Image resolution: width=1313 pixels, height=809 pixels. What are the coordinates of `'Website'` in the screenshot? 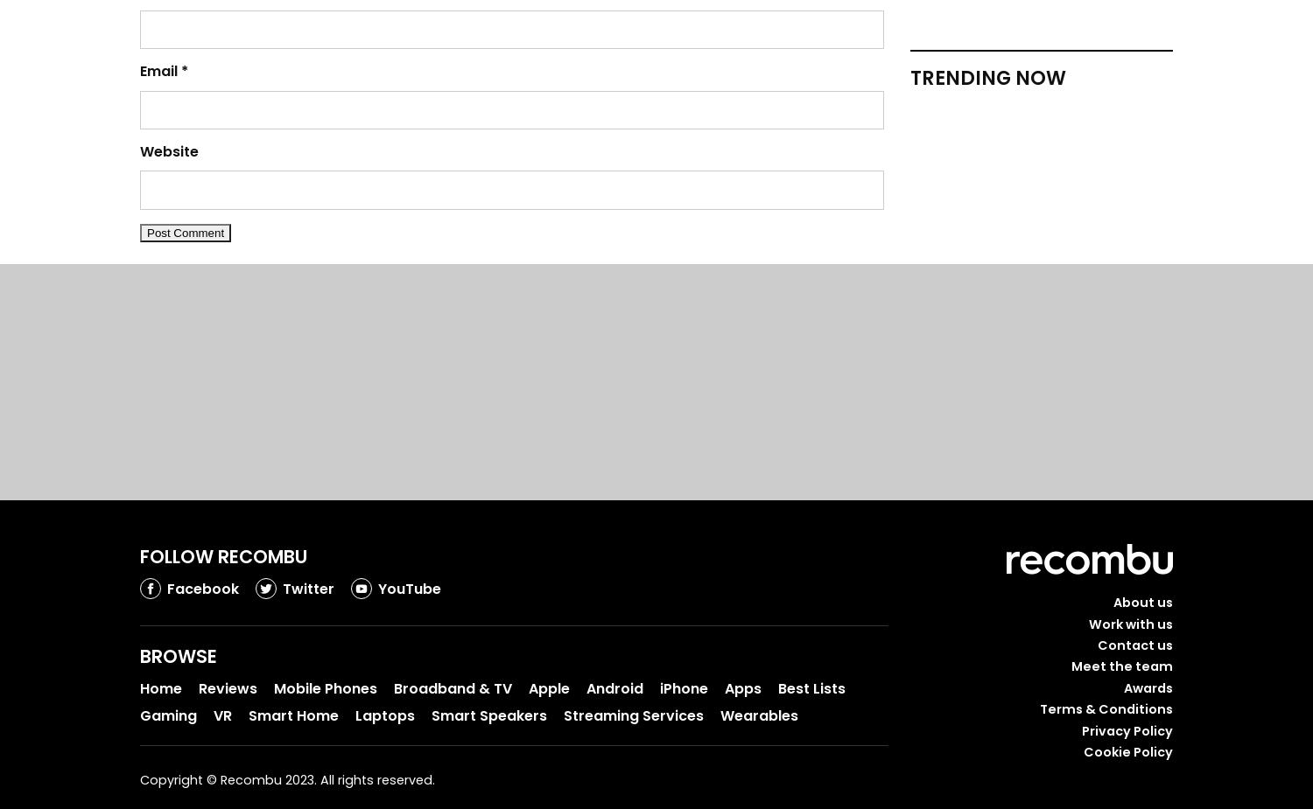 It's located at (168, 150).